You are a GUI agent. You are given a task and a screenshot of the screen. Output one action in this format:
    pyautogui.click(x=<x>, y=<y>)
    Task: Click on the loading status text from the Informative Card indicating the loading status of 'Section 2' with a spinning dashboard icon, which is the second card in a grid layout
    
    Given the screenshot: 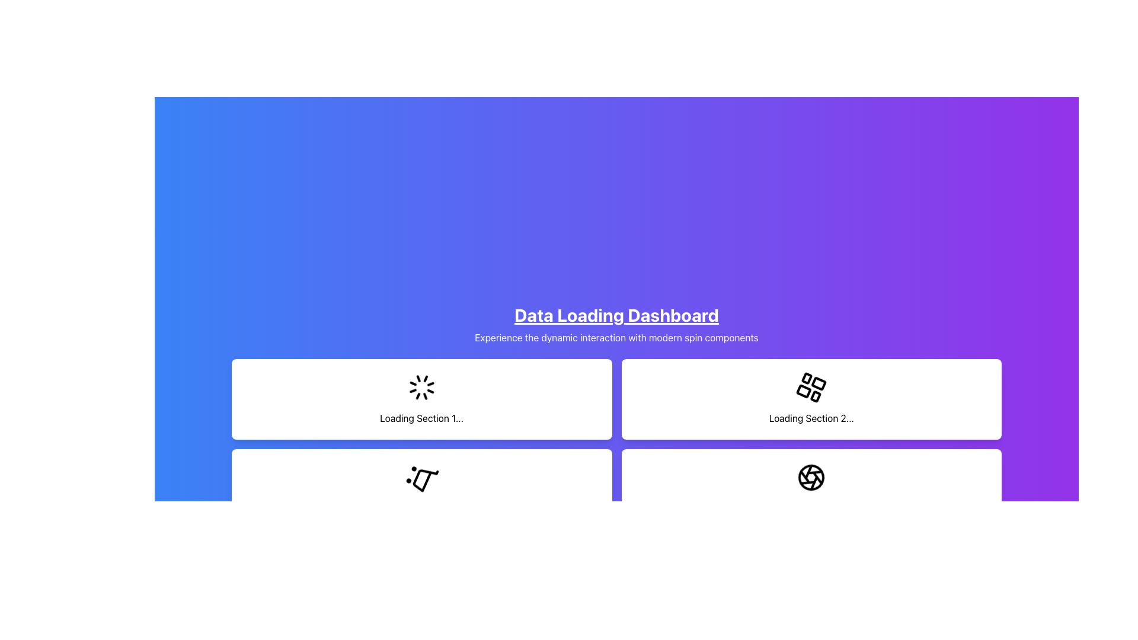 What is the action you would take?
    pyautogui.click(x=811, y=399)
    